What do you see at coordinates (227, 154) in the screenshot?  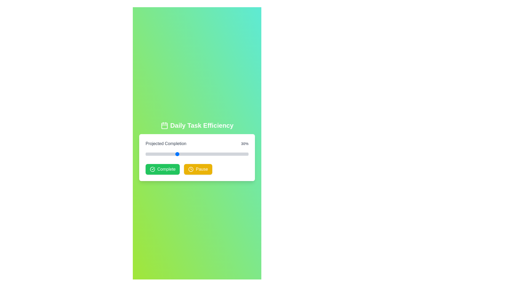 I see `the progress slider to 79%` at bounding box center [227, 154].